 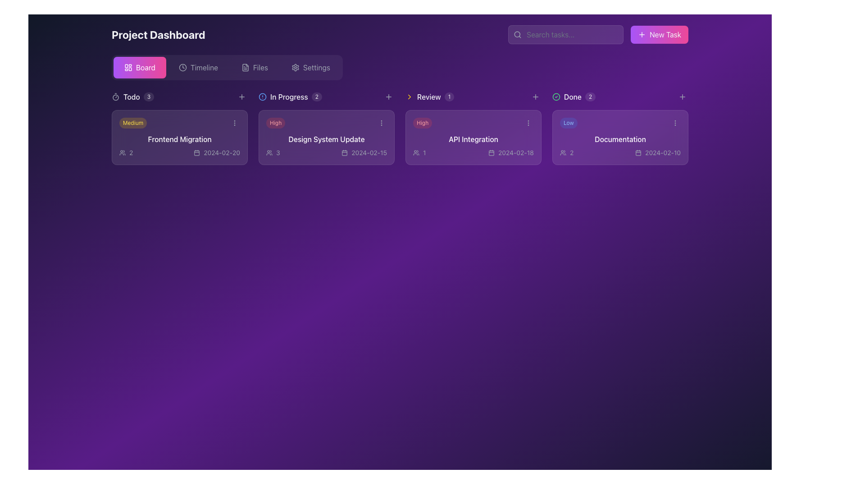 I want to click on the label with an icon and text indicating the count of users involved in the task on the 'Documentation' card located in the 'Done' column, so click(x=566, y=152).